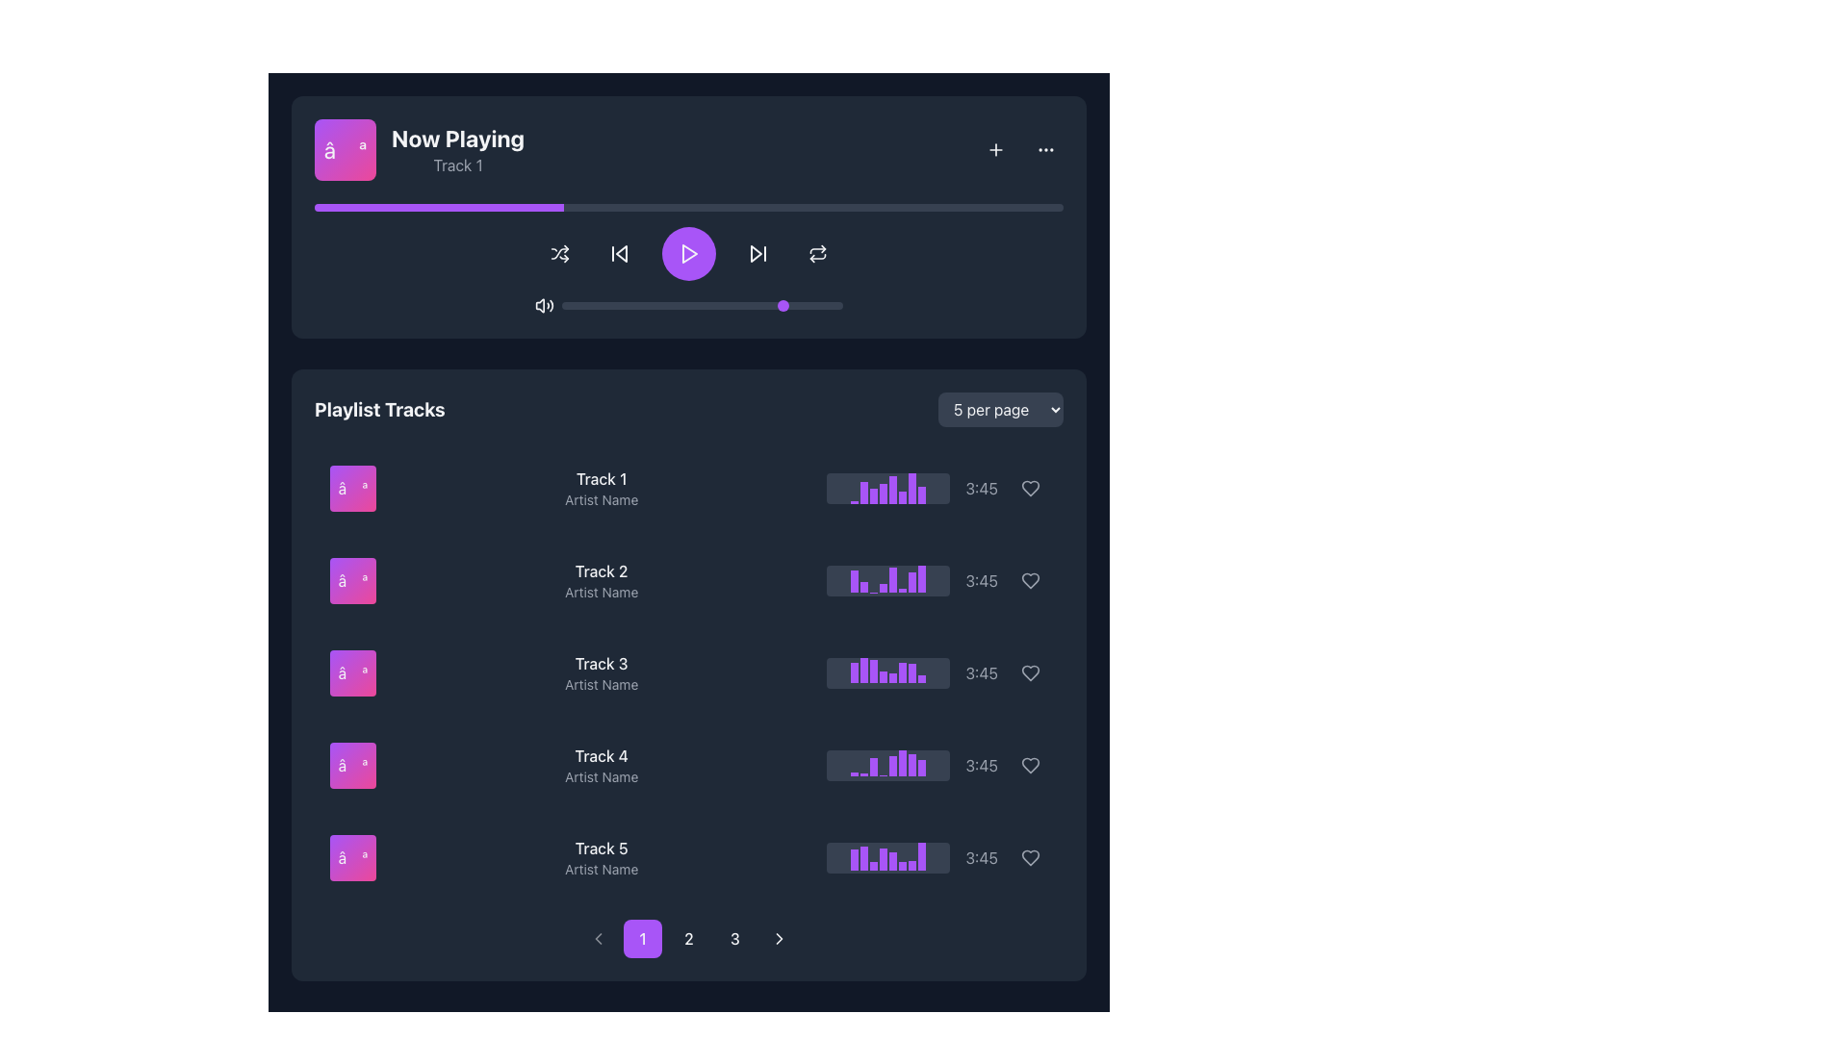 Image resolution: width=1848 pixels, height=1039 pixels. What do you see at coordinates (352, 488) in the screenshot?
I see `the musical note icon centered within the first item in the 'Playlist Tracks' list, which is adjacent to the text 'Track 1 - Artist Name.'` at bounding box center [352, 488].